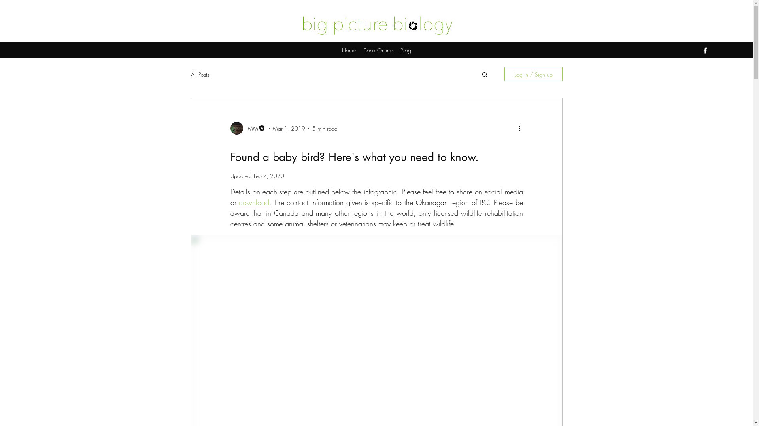  I want to click on 'Log in / Sign up', so click(533, 74).